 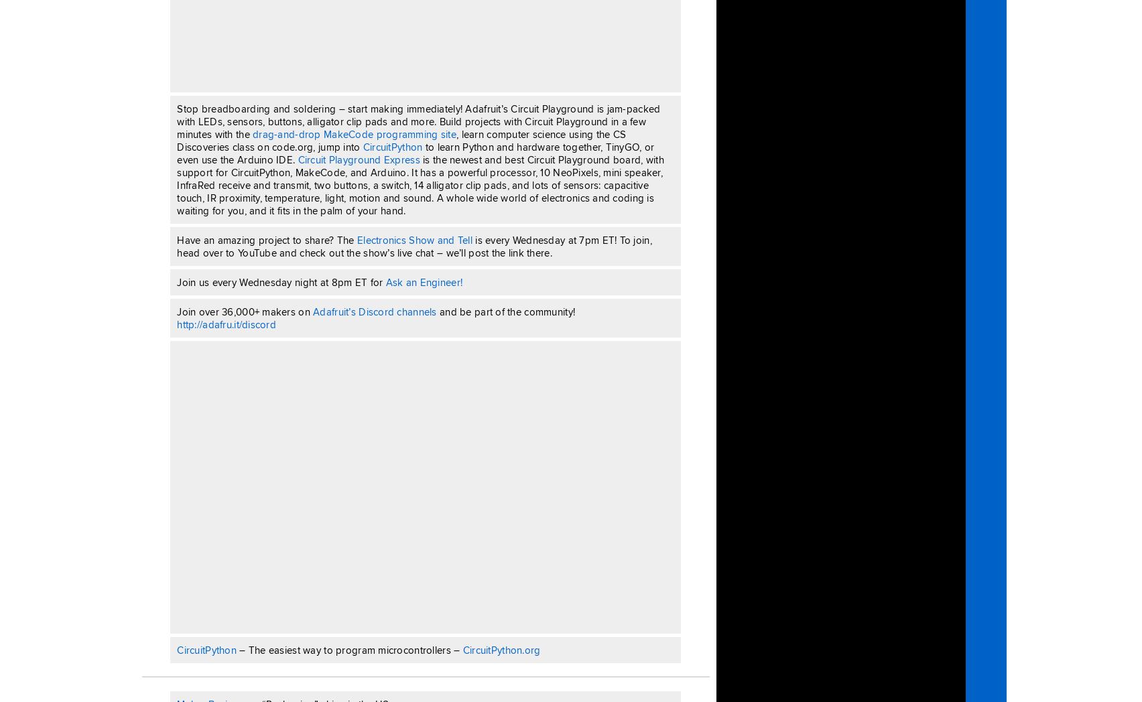 What do you see at coordinates (266, 238) in the screenshot?
I see `'Have an amazing project to share? The'` at bounding box center [266, 238].